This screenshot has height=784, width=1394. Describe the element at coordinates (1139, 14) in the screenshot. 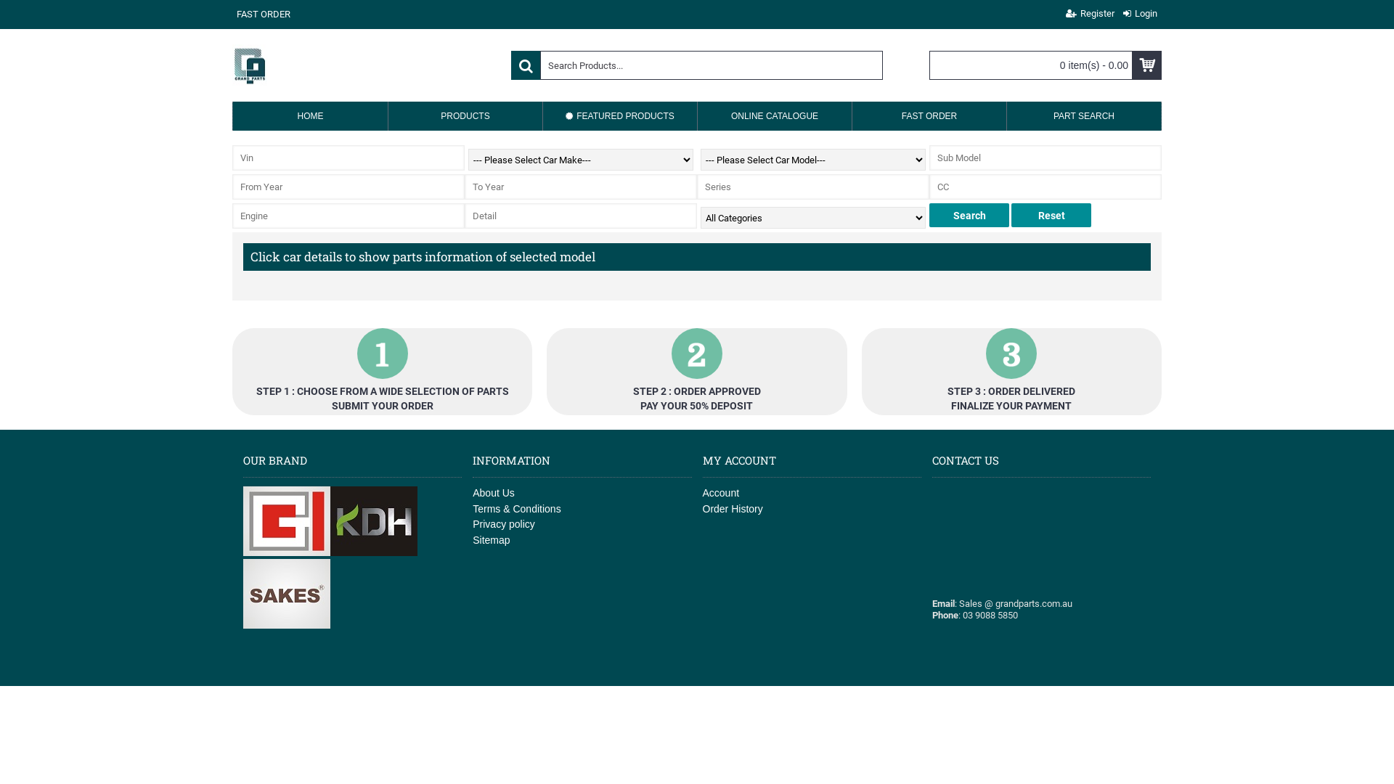

I see `'Login'` at that location.